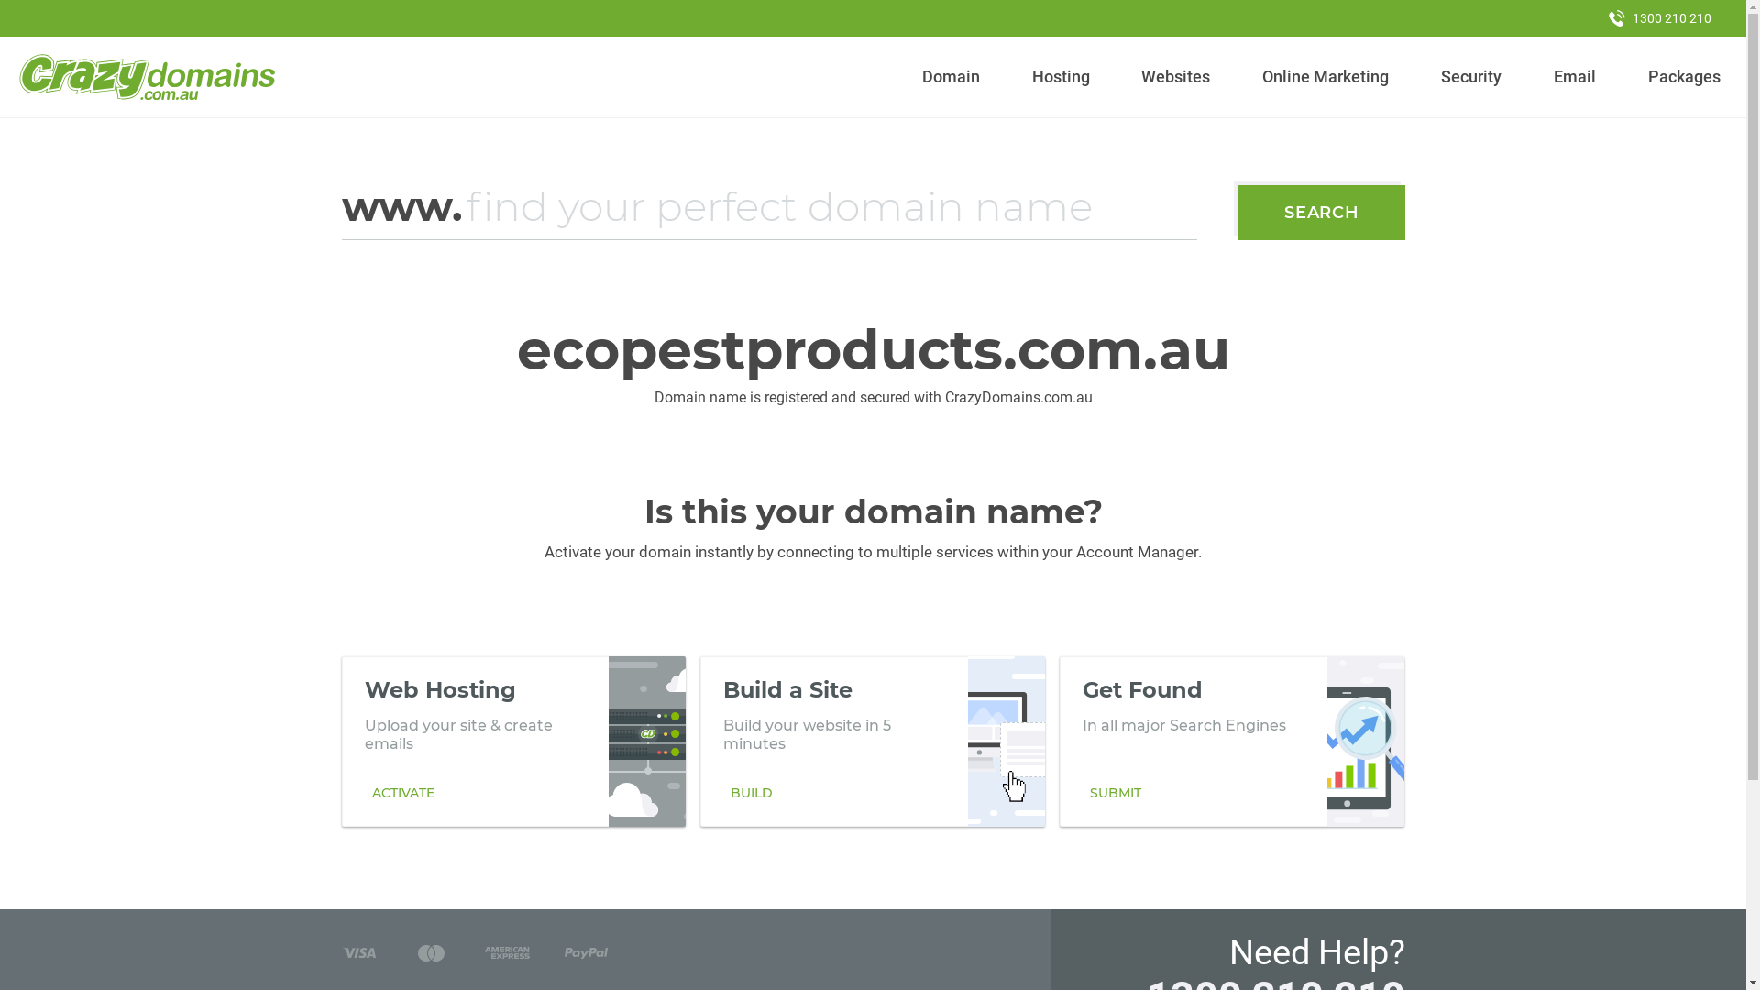 Image resolution: width=1760 pixels, height=990 pixels. What do you see at coordinates (1659, 17) in the screenshot?
I see `'1300 210 210'` at bounding box center [1659, 17].